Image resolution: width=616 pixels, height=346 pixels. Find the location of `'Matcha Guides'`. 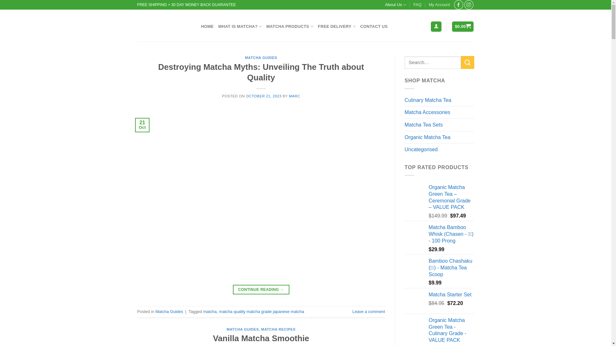

'Matcha Guides' is located at coordinates (169, 311).